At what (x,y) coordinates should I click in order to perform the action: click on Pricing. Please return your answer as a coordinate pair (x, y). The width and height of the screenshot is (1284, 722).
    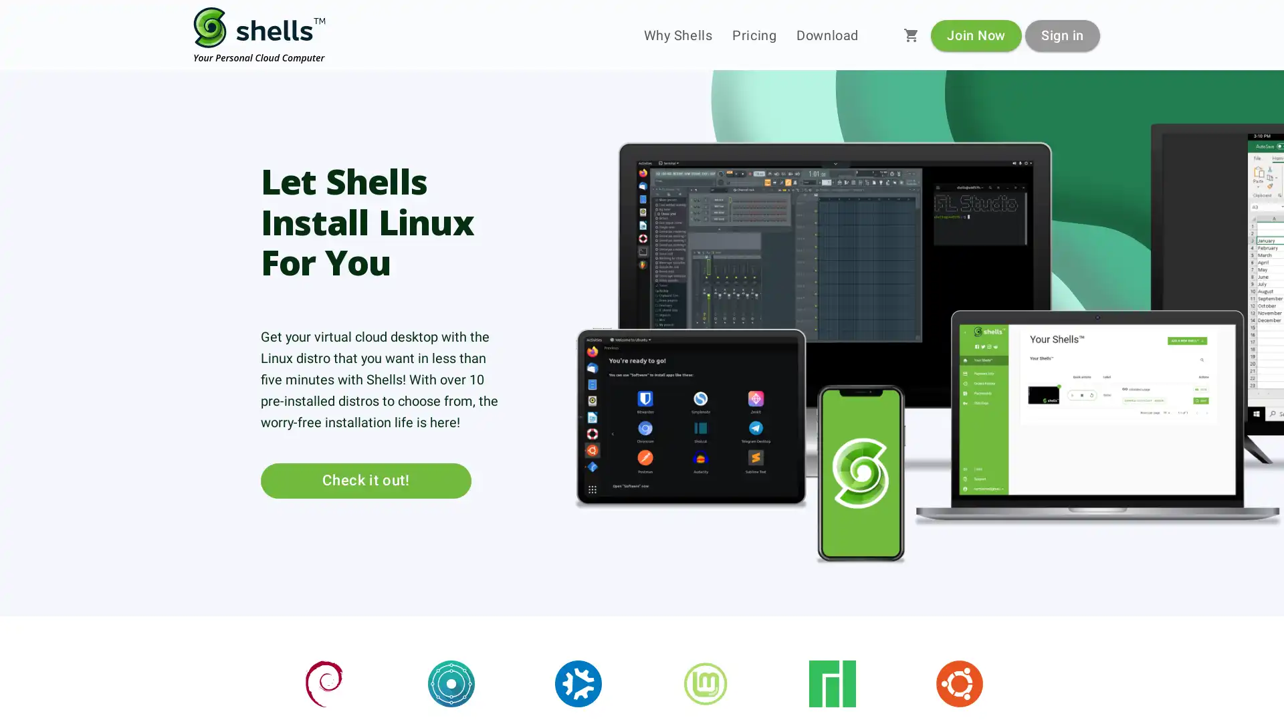
    Looking at the image, I should click on (754, 35).